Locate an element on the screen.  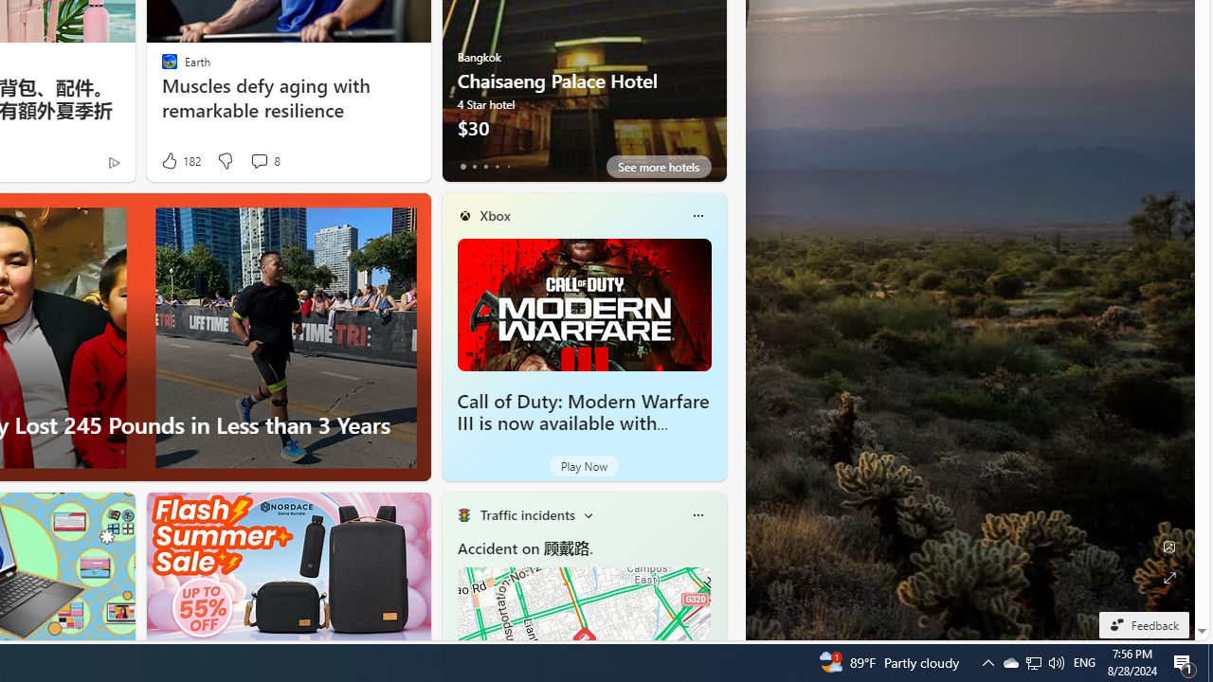
'Traffic Title Traffic Light' is located at coordinates (463, 514).